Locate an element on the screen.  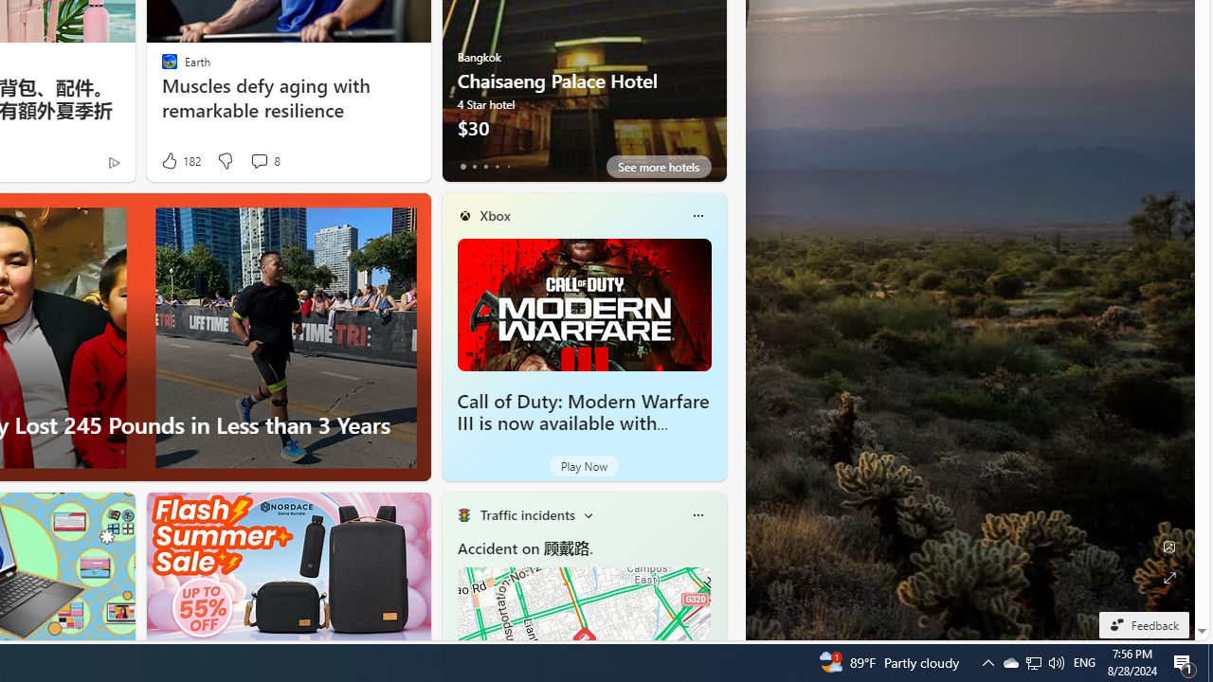
'Traffic Title Traffic Light' is located at coordinates (463, 514).